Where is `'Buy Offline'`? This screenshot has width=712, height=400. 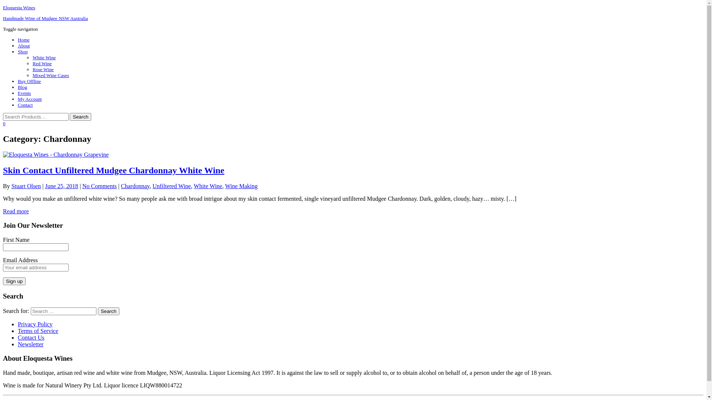
'Buy Offline' is located at coordinates (29, 81).